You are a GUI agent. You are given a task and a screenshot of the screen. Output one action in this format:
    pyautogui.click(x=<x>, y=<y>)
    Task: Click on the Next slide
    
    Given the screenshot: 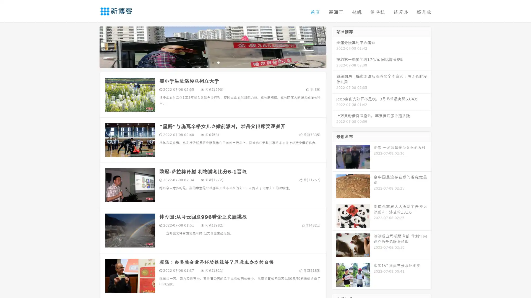 What is the action you would take?
    pyautogui.click(x=334, y=46)
    